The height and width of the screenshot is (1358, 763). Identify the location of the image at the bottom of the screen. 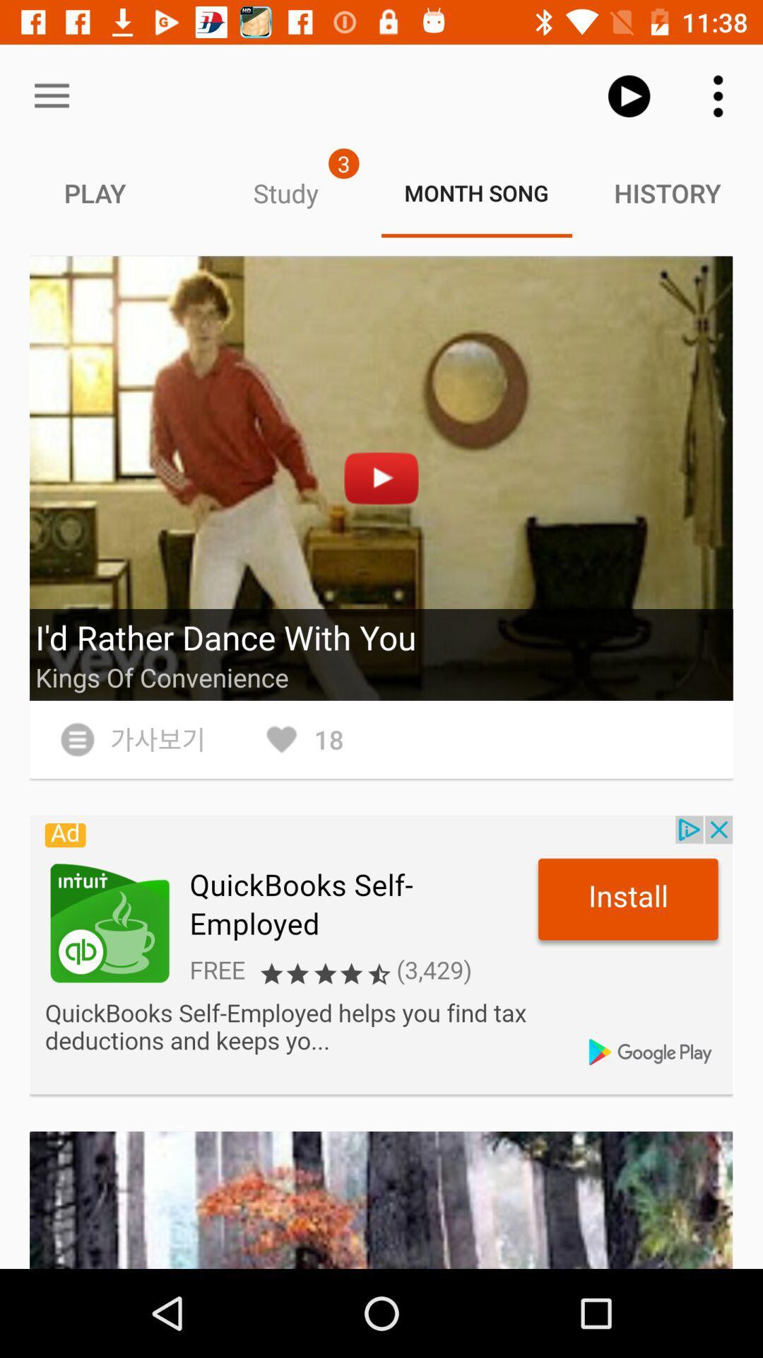
(381, 1200).